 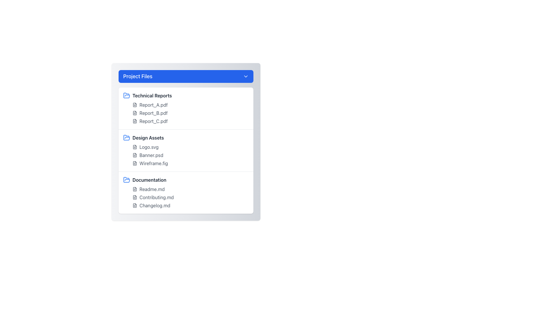 What do you see at coordinates (135, 205) in the screenshot?
I see `the file icon located to the left of the 'Changelog.md' text label in the 'Documentation' section` at bounding box center [135, 205].